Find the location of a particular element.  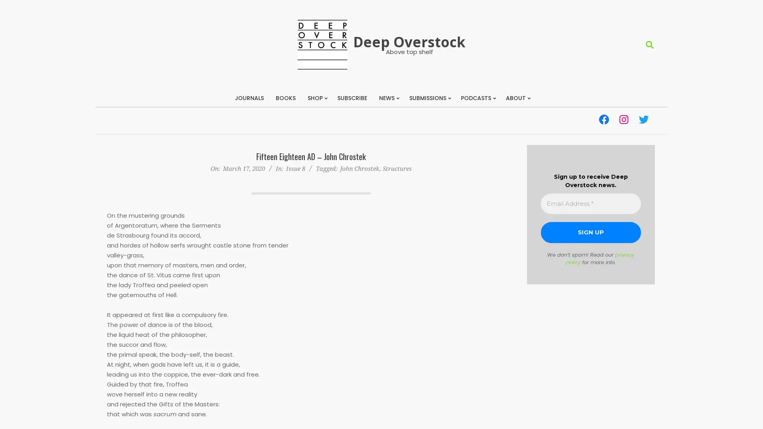

Sign up is located at coordinates (591, 232).